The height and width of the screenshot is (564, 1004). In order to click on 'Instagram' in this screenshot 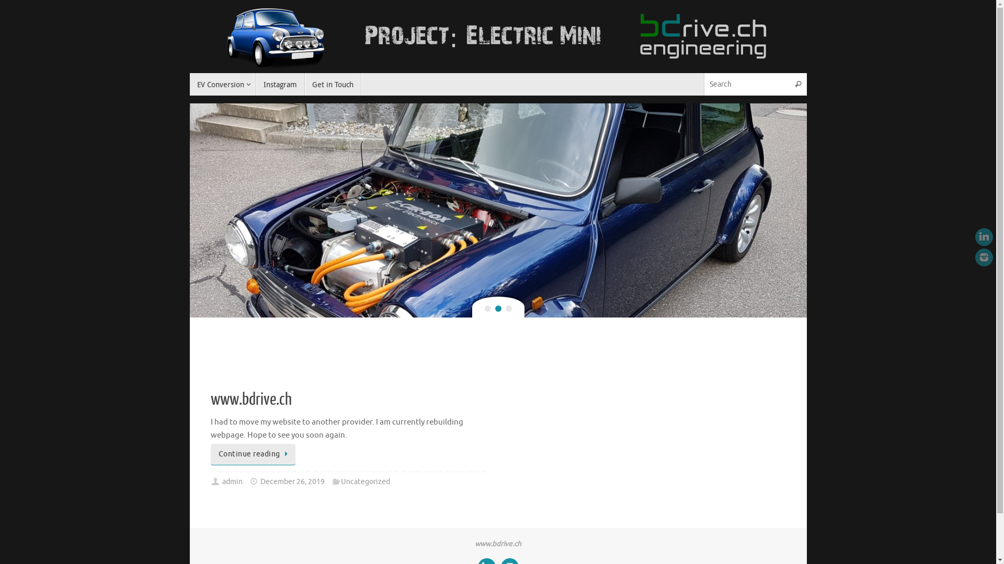, I will do `click(983, 257)`.